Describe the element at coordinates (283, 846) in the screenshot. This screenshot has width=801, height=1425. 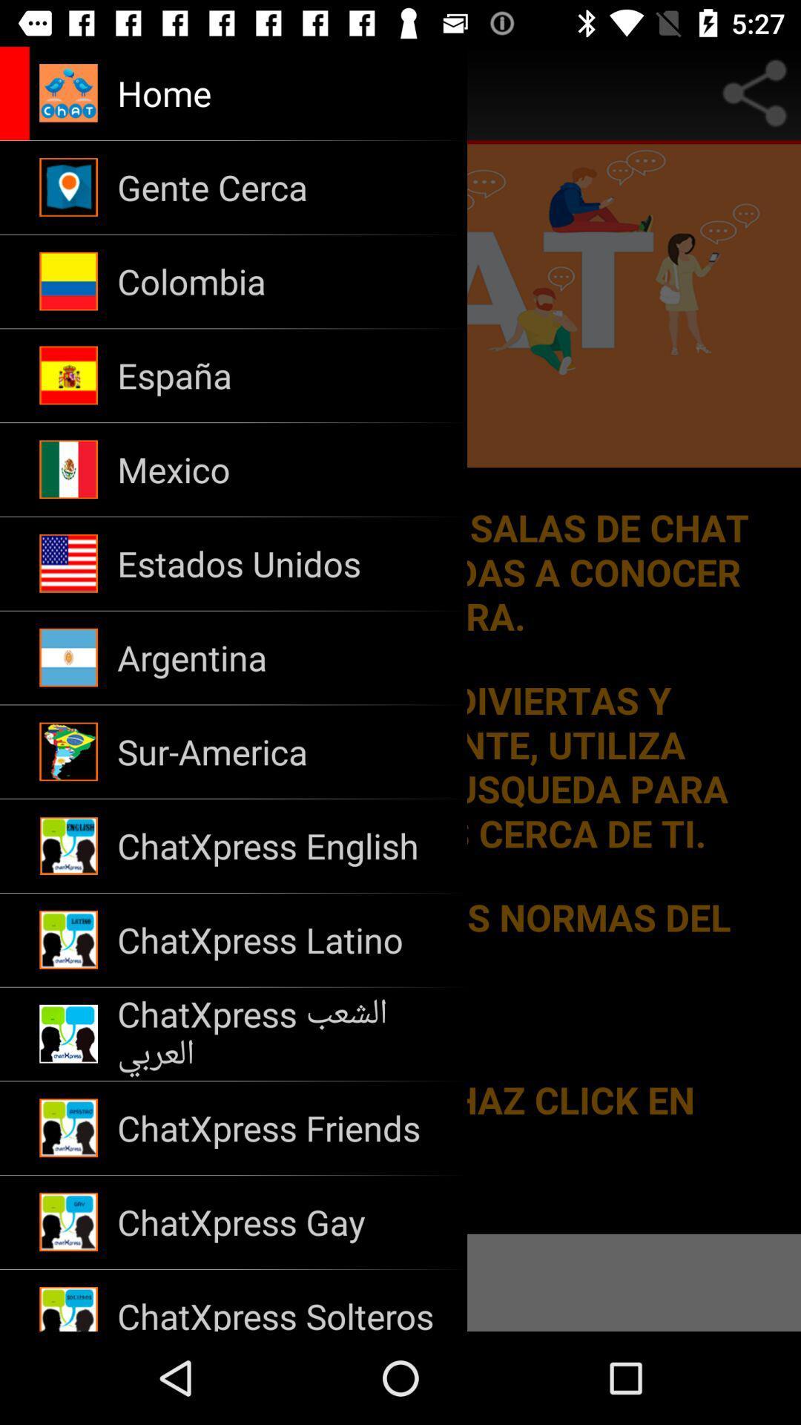
I see `app above the chatxpress latino app` at that location.